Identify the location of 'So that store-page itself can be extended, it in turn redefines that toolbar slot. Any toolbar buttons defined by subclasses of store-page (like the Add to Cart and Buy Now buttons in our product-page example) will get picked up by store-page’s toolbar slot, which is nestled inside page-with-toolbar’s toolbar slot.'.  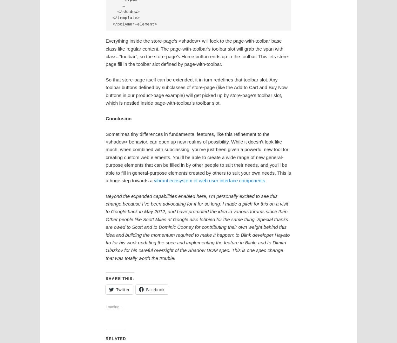
(196, 91).